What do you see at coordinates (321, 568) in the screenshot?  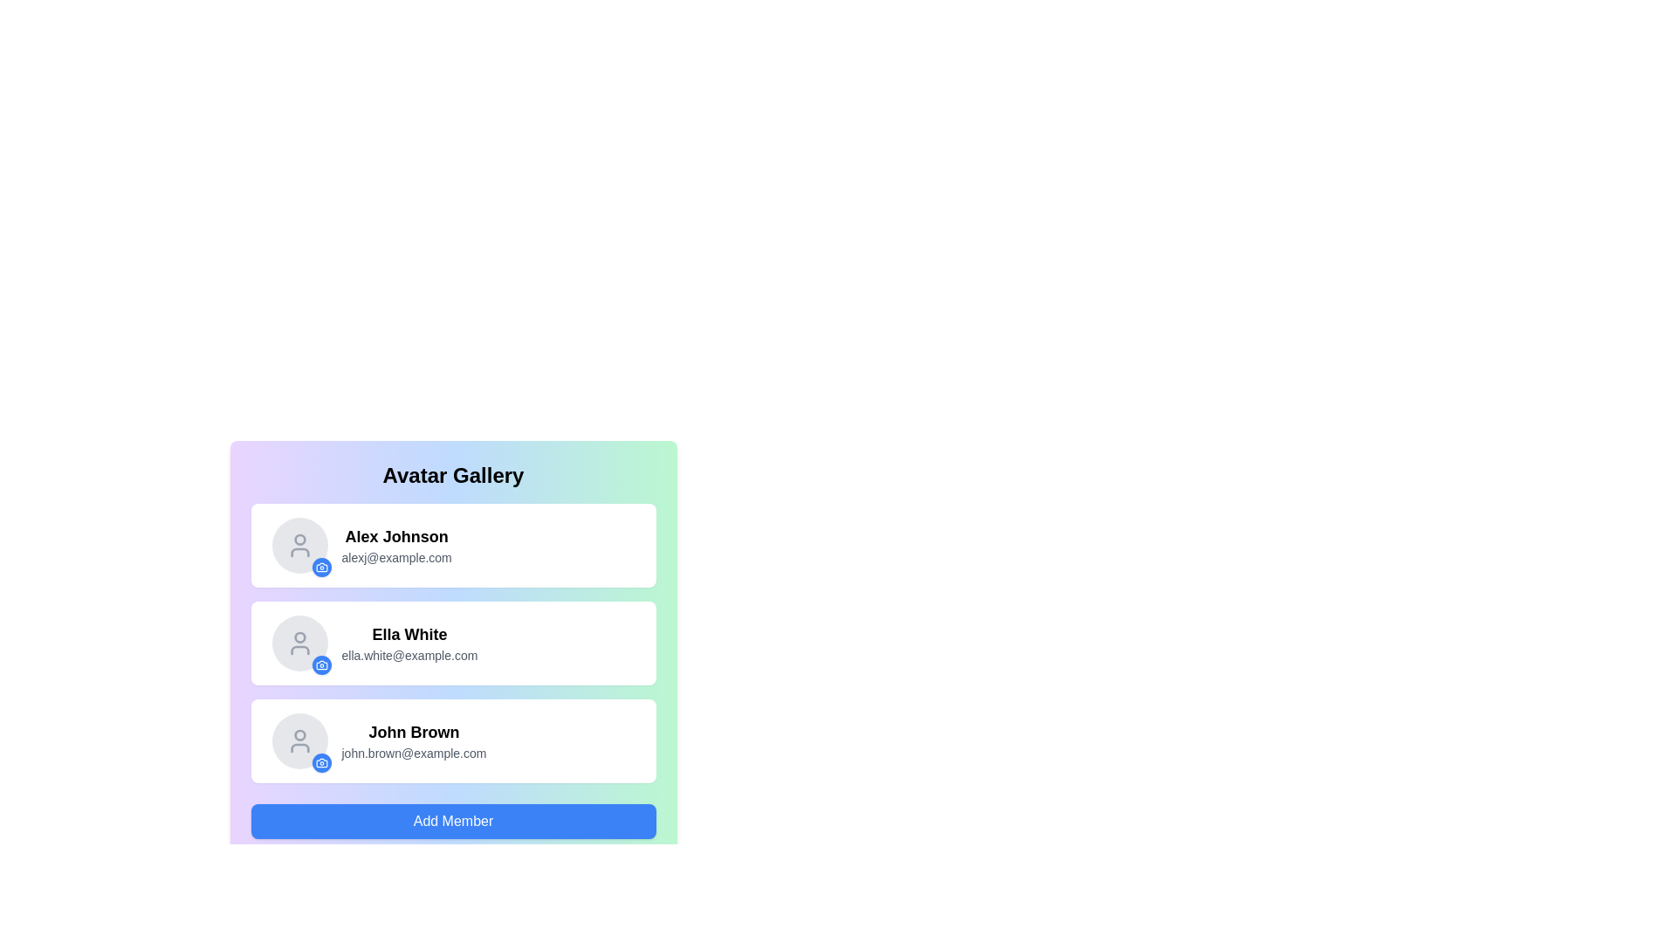 I see `the camera icon located within the circular button at the bottom-right of the user avatar` at bounding box center [321, 568].